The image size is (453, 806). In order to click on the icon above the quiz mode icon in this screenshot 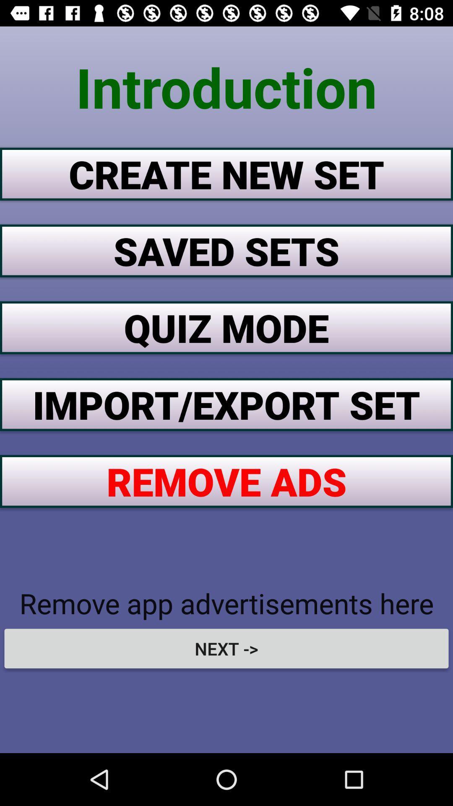, I will do `click(226, 250)`.